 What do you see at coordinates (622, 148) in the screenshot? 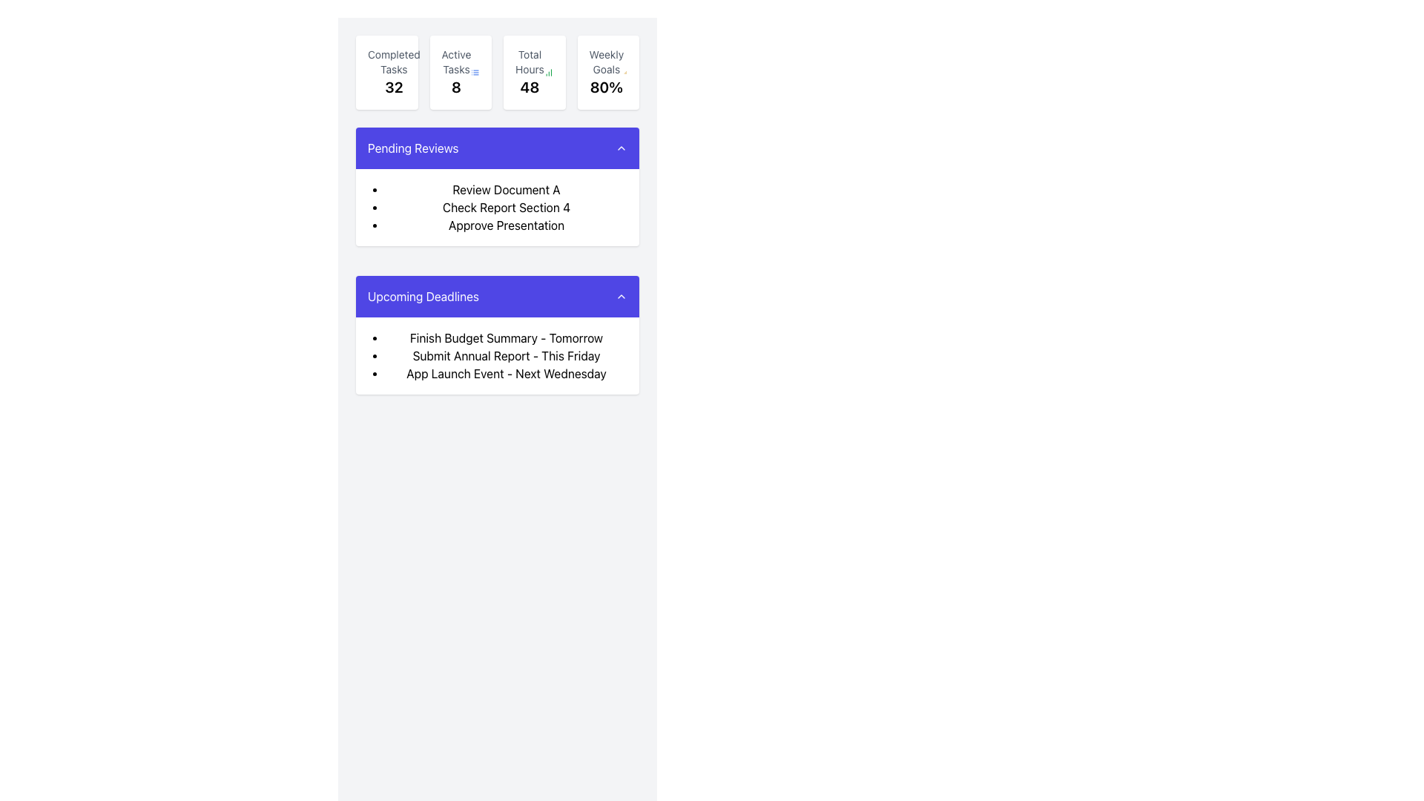
I see `the Chevron Icon located on the right side of the 'Pending Reviews' section header` at bounding box center [622, 148].